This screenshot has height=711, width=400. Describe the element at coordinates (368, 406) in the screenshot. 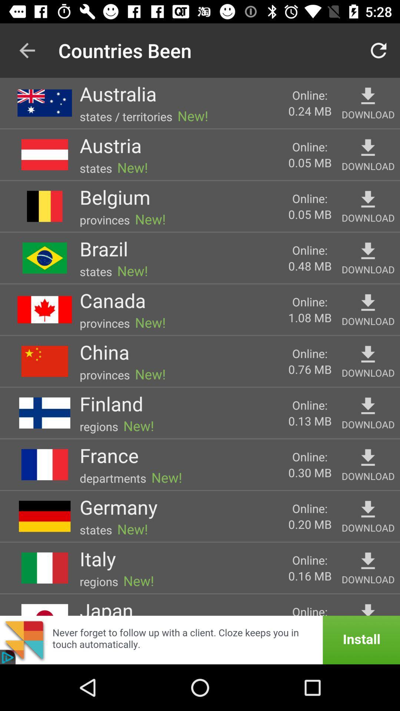

I see `download the map` at that location.